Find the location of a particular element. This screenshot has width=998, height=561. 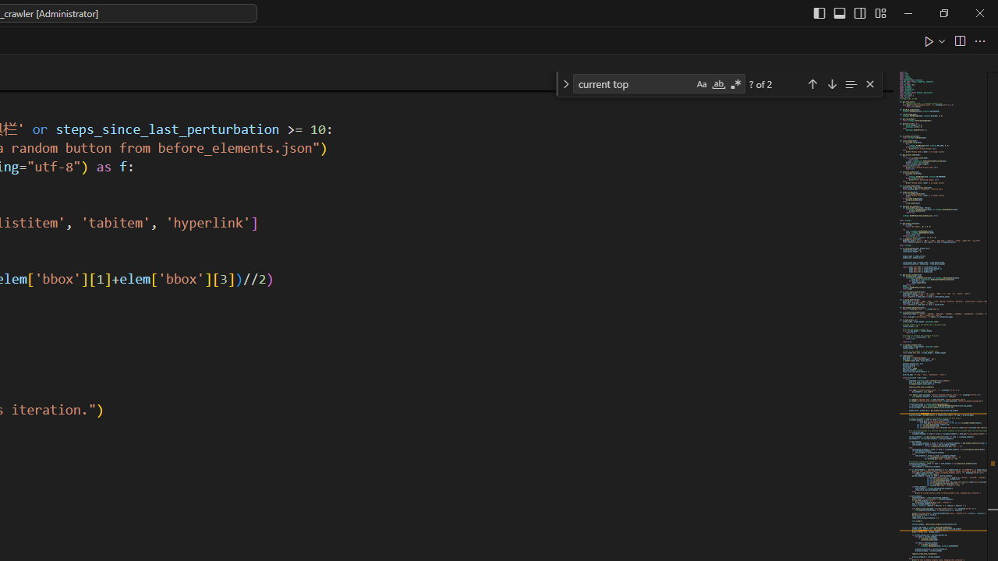

'Restore' is located at coordinates (943, 12).